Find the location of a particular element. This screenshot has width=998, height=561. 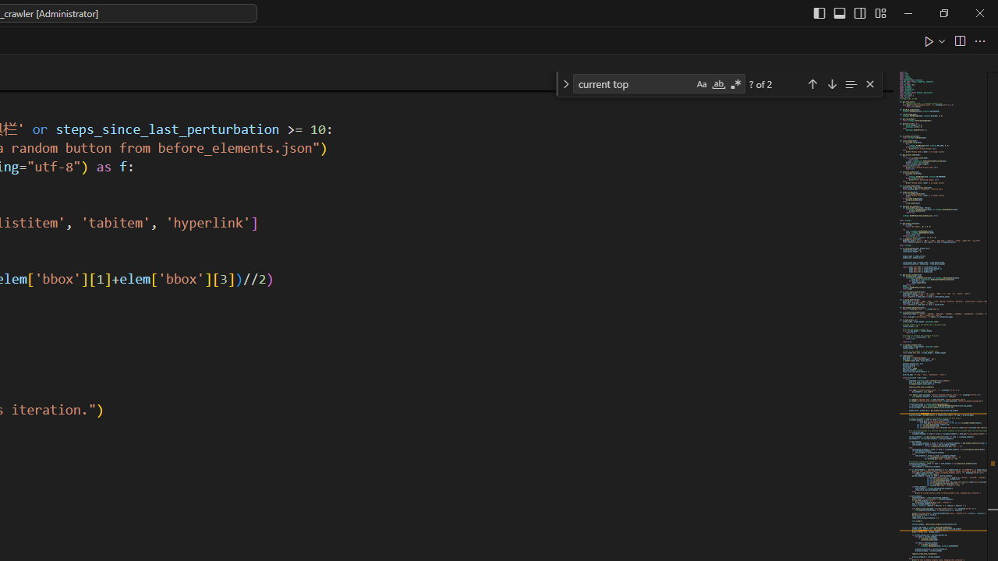

'Restore' is located at coordinates (943, 12).